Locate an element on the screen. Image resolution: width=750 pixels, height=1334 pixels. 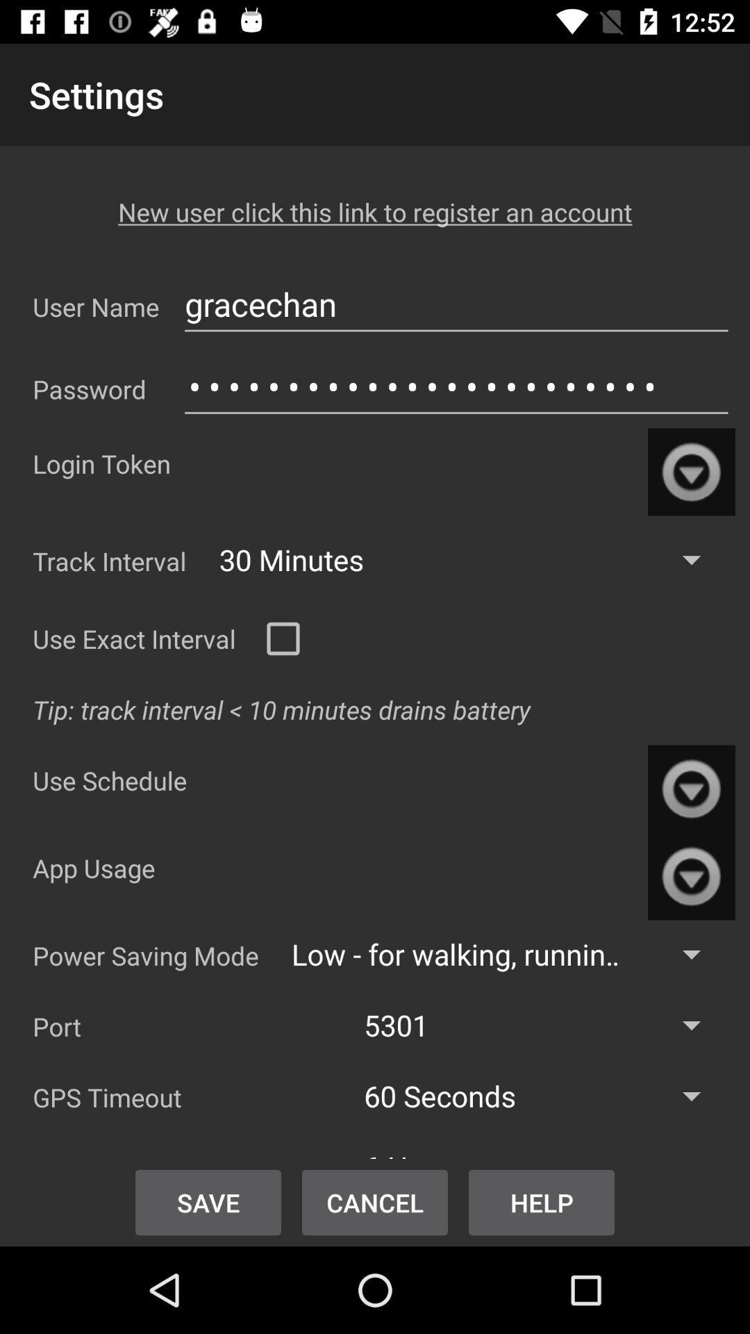
the expand_more icon is located at coordinates (691, 875).